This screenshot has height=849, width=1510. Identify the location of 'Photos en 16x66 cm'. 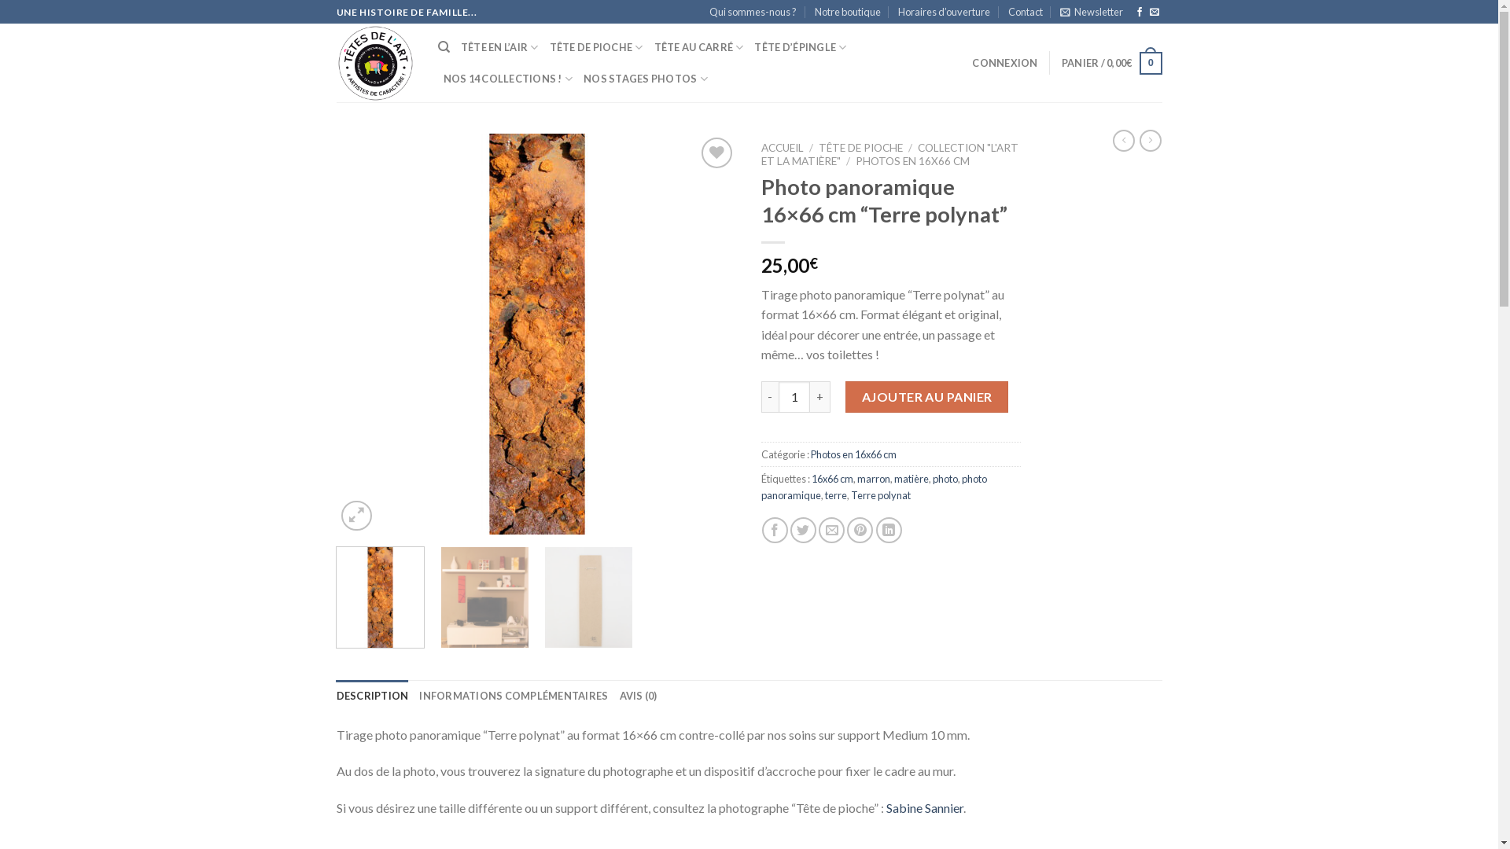
(852, 454).